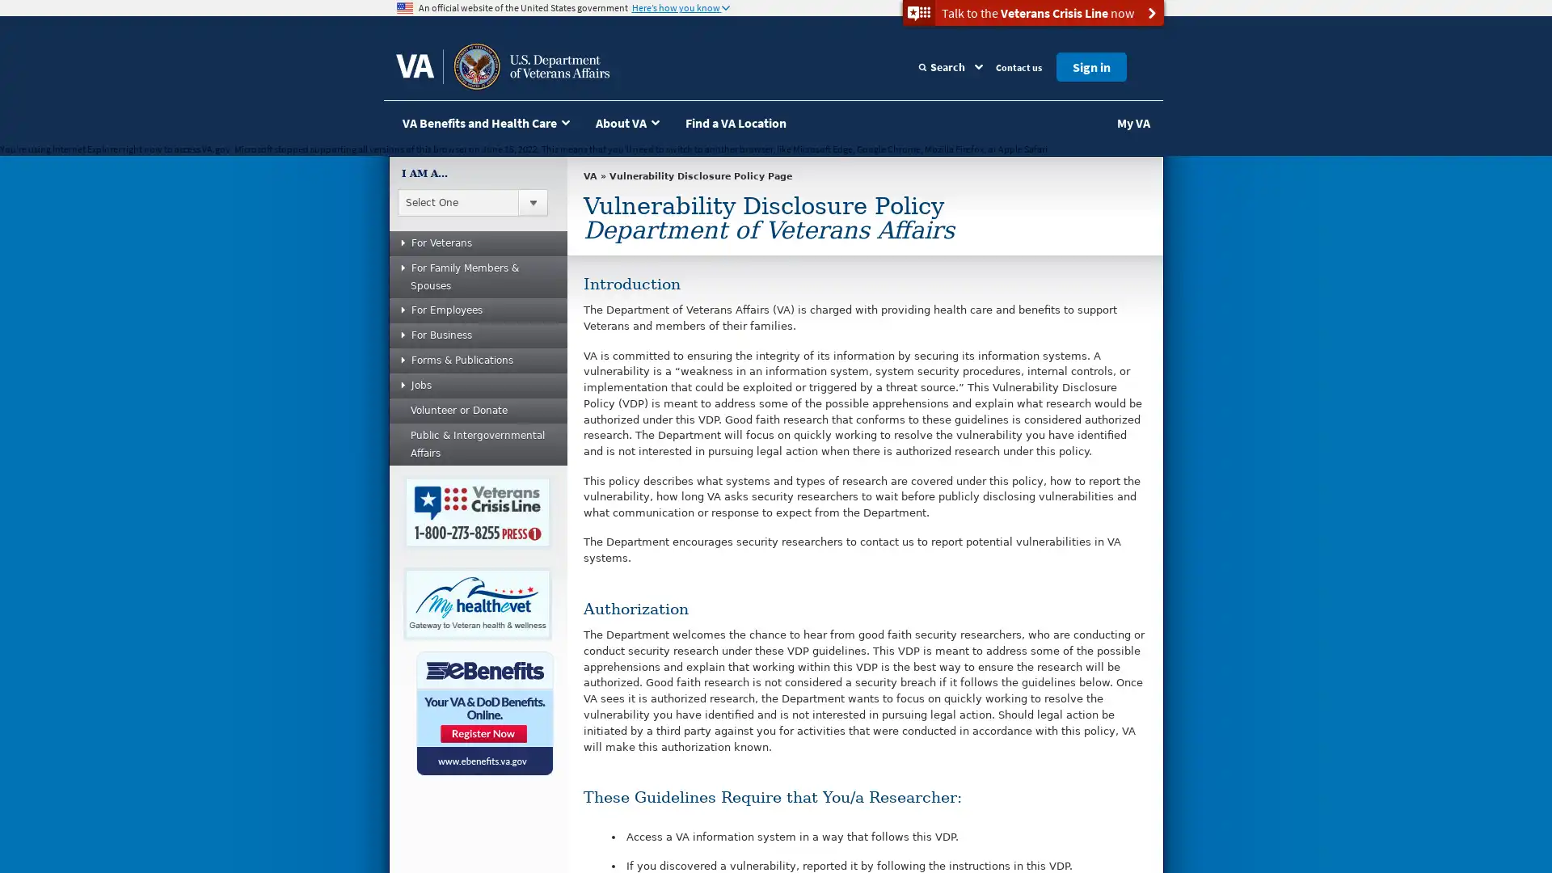  Describe the element at coordinates (1091, 66) in the screenshot. I see `Sign in` at that location.